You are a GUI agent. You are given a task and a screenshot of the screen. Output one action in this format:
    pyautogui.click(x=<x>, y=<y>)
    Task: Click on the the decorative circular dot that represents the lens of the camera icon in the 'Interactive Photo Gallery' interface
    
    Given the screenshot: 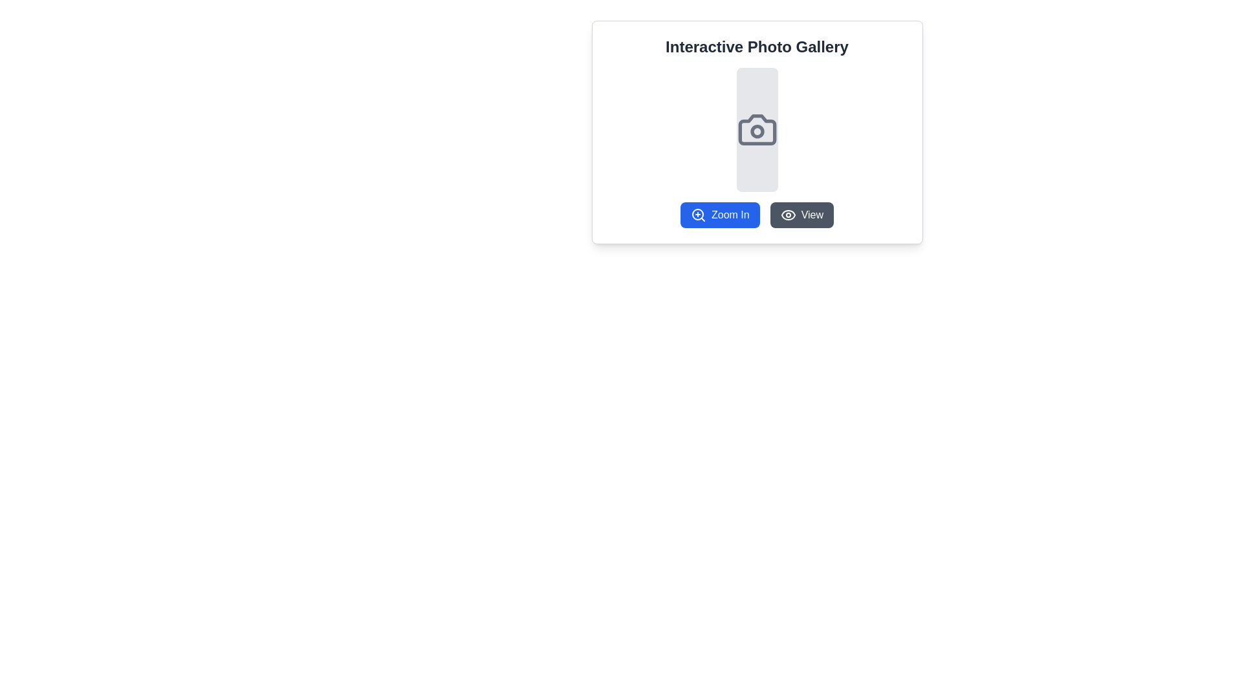 What is the action you would take?
    pyautogui.click(x=757, y=131)
    